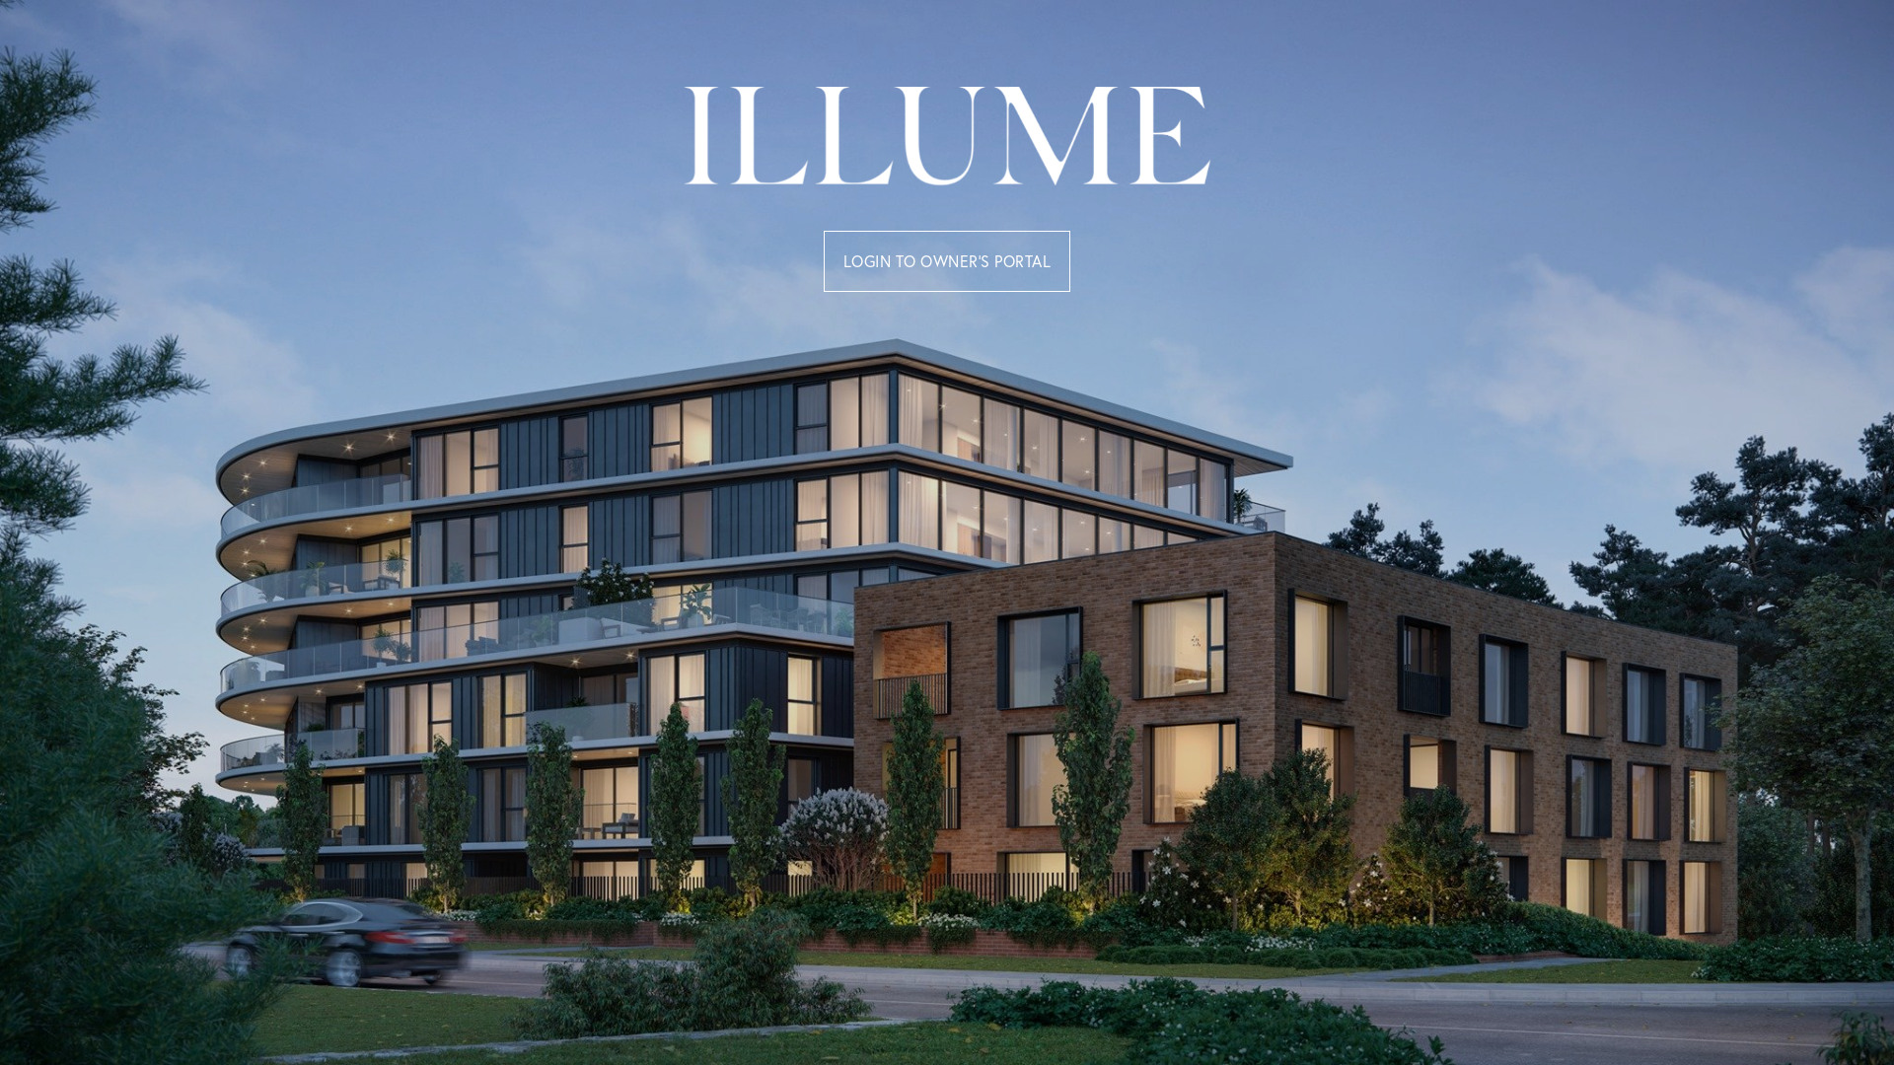 The image size is (1894, 1065). Describe the element at coordinates (947, 259) in the screenshot. I see `'LOGIN TO OWNER'S PORTAL'` at that location.